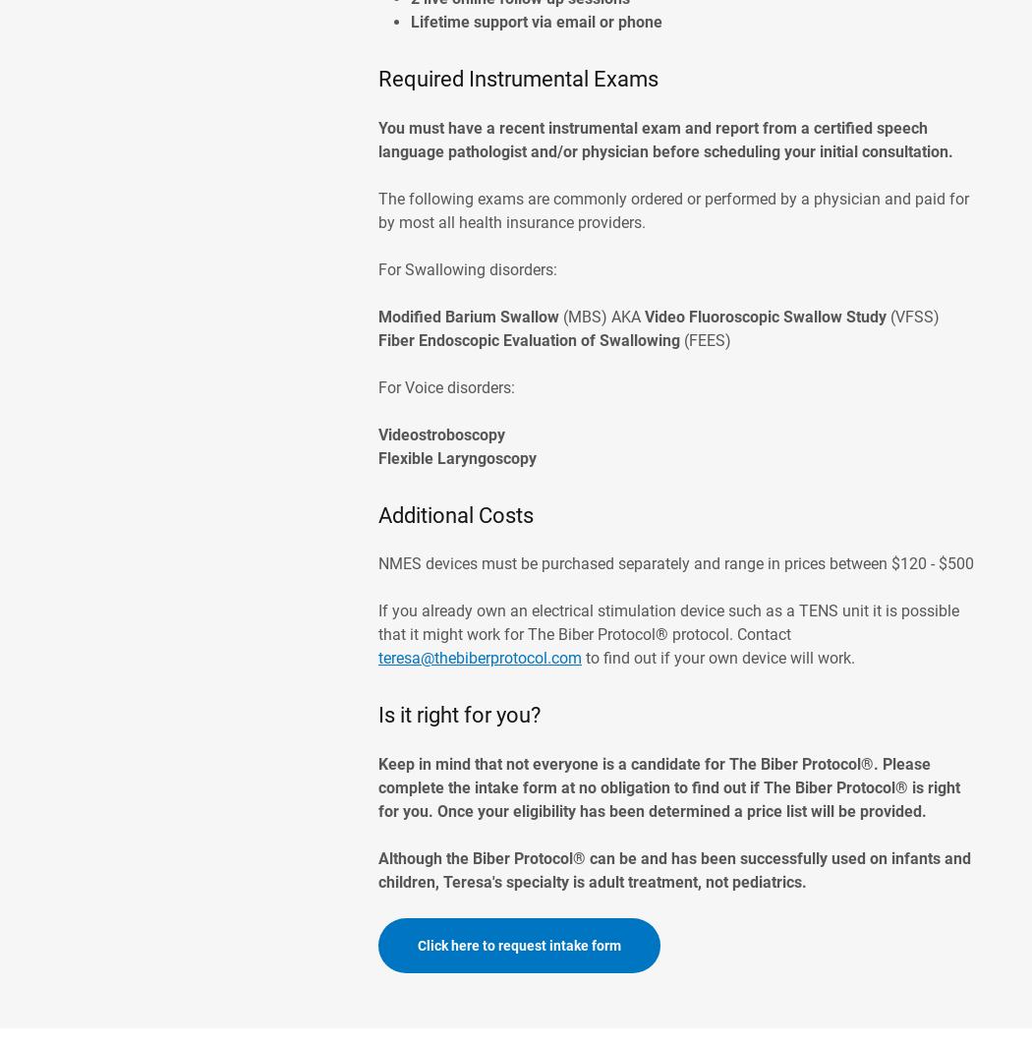 This screenshot has height=1045, width=1032. Describe the element at coordinates (915, 316) in the screenshot. I see `'(VFSS)'` at that location.